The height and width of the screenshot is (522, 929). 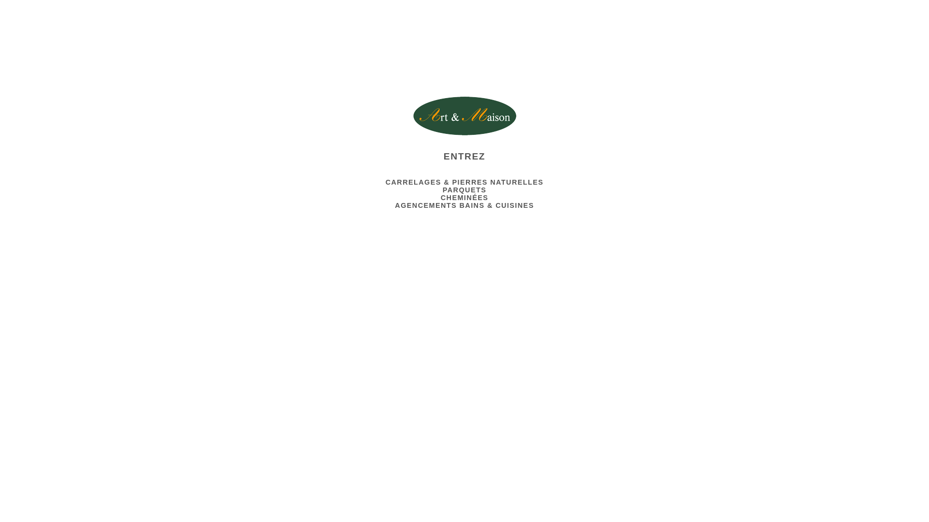 What do you see at coordinates (413, 115) in the screenshot?
I see `'Entrez sur Art et Maison'` at bounding box center [413, 115].